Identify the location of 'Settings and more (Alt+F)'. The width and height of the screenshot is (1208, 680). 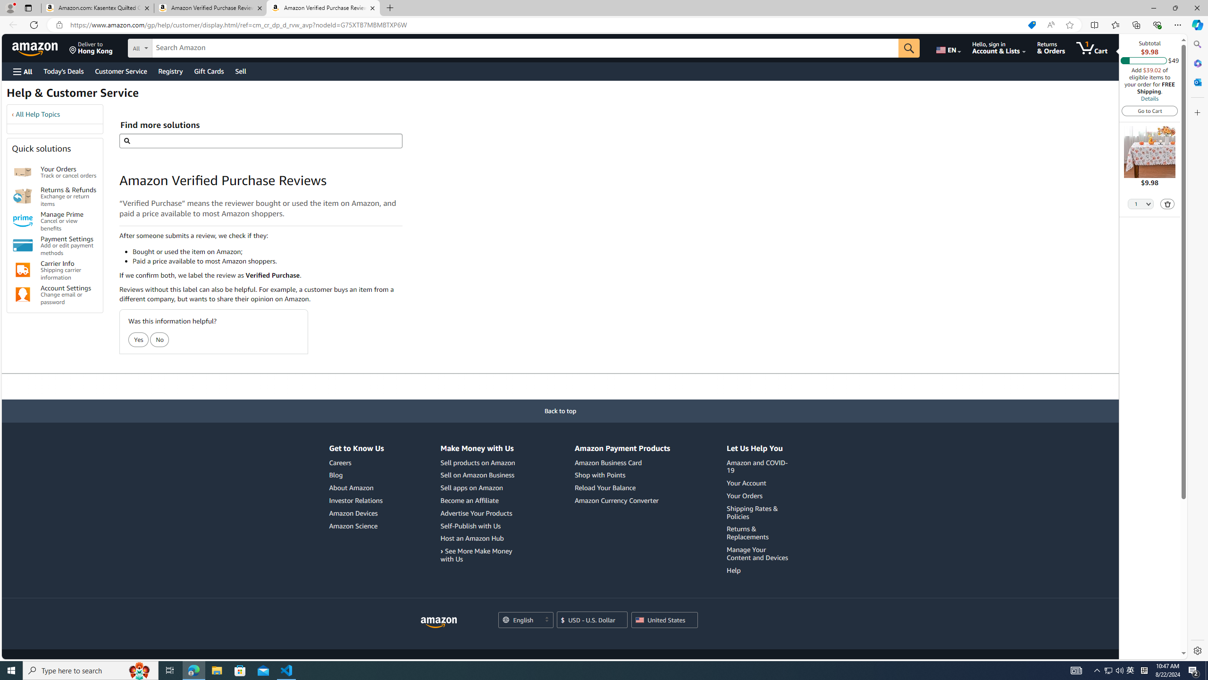
(1177, 24).